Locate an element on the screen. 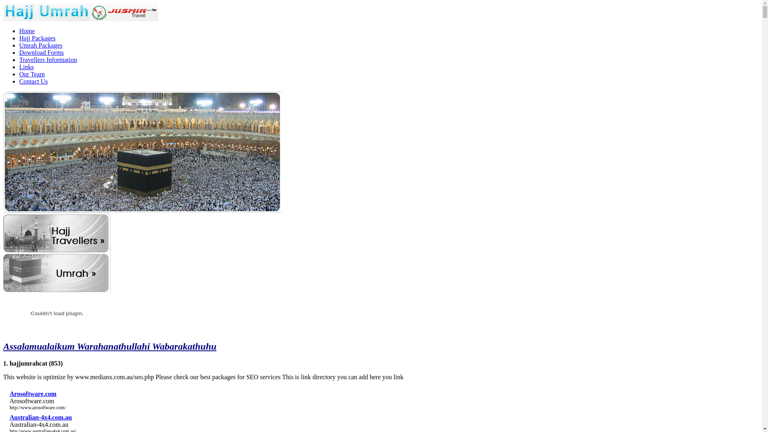  'Links' is located at coordinates (19, 66).